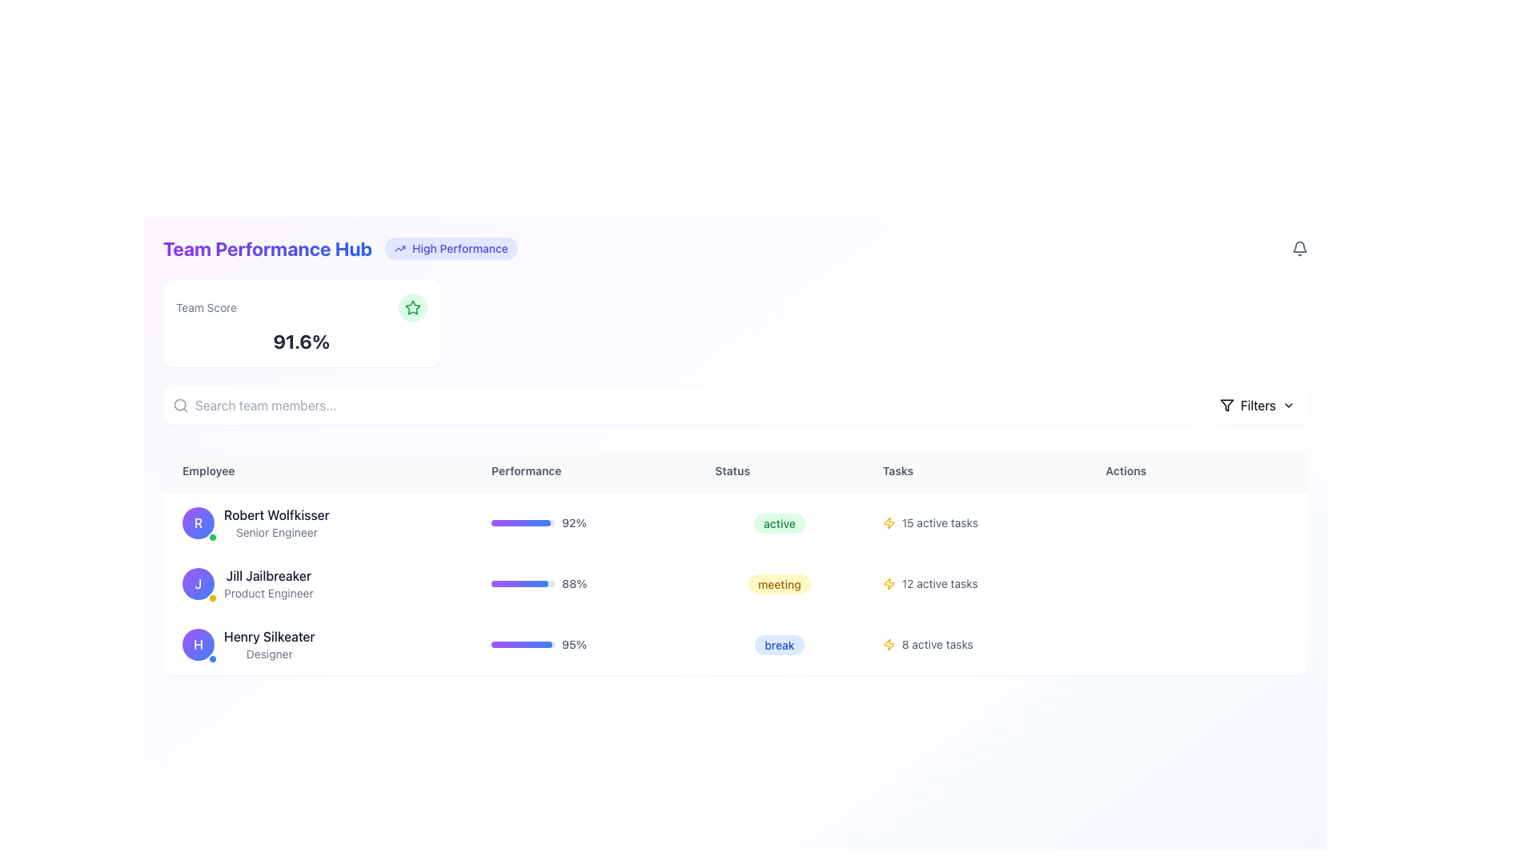  What do you see at coordinates (318, 522) in the screenshot?
I see `the employee list item displaying the profile picture of 'Robert Wolfkisser'` at bounding box center [318, 522].